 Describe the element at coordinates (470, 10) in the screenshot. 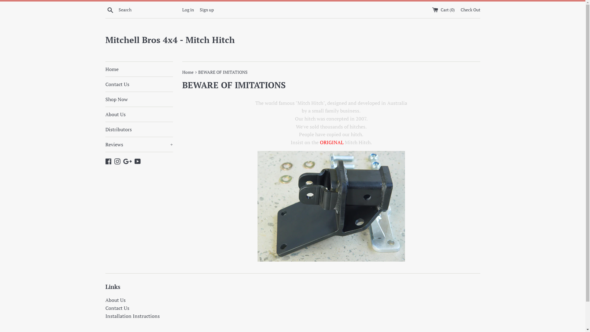

I see `'Check Out'` at that location.